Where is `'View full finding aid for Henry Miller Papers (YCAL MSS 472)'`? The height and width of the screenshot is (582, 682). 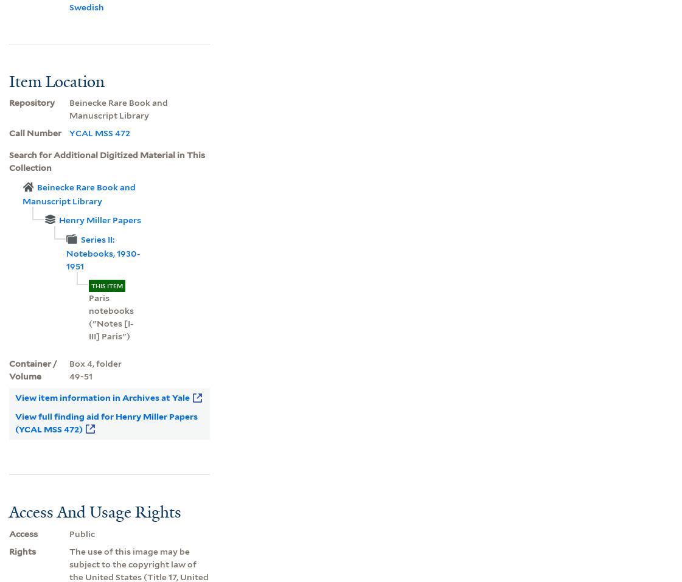
'View full finding aid for Henry Miller Papers (YCAL MSS 472)' is located at coordinates (105, 422).